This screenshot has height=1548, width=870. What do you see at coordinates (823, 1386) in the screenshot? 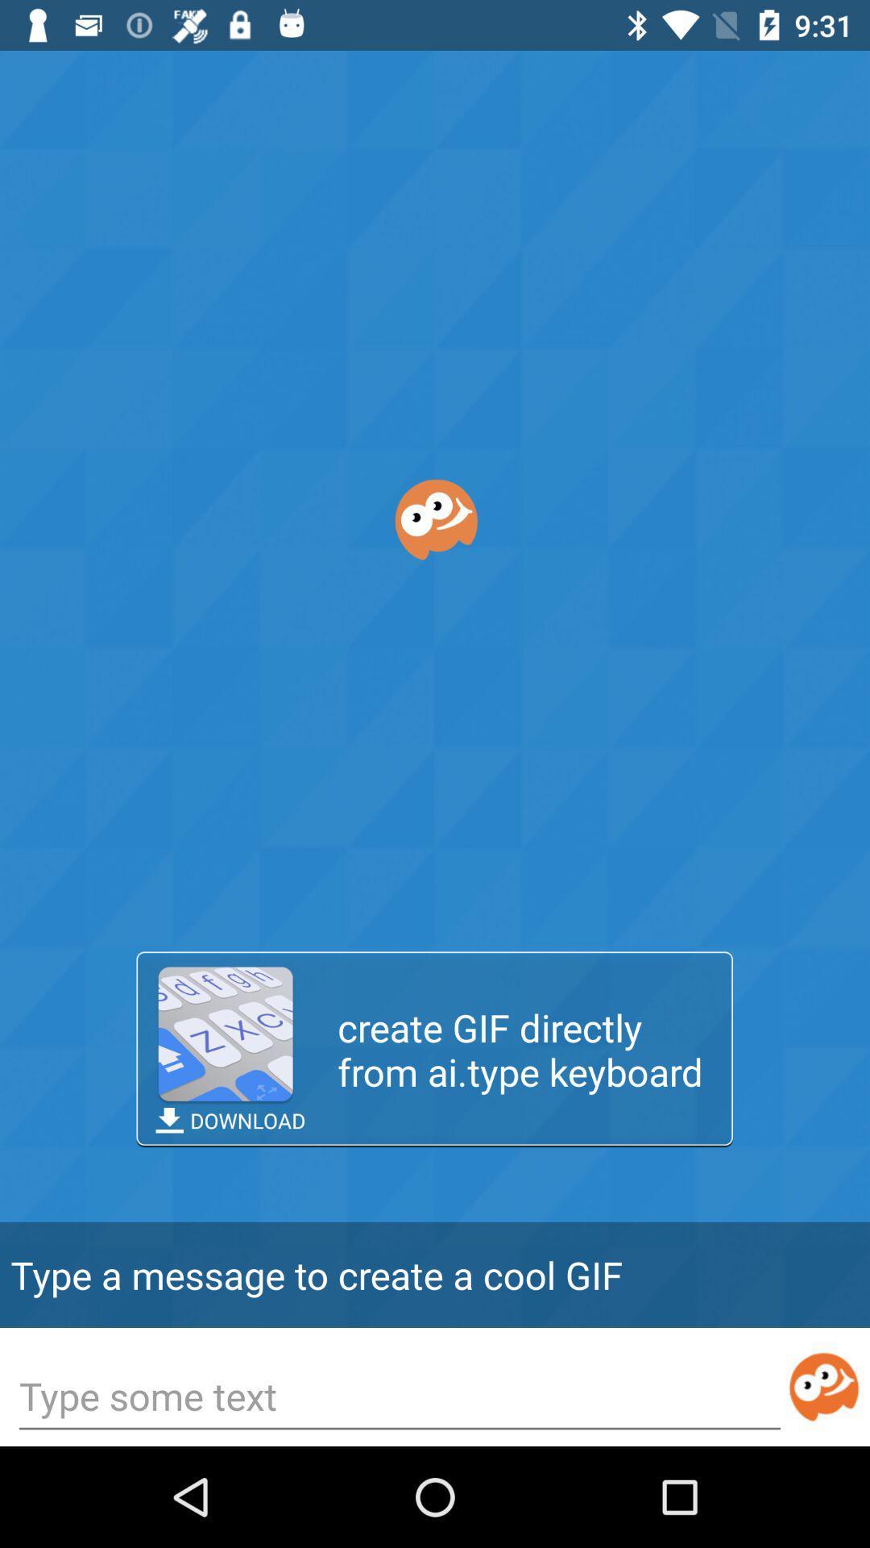
I see `submit text` at bounding box center [823, 1386].